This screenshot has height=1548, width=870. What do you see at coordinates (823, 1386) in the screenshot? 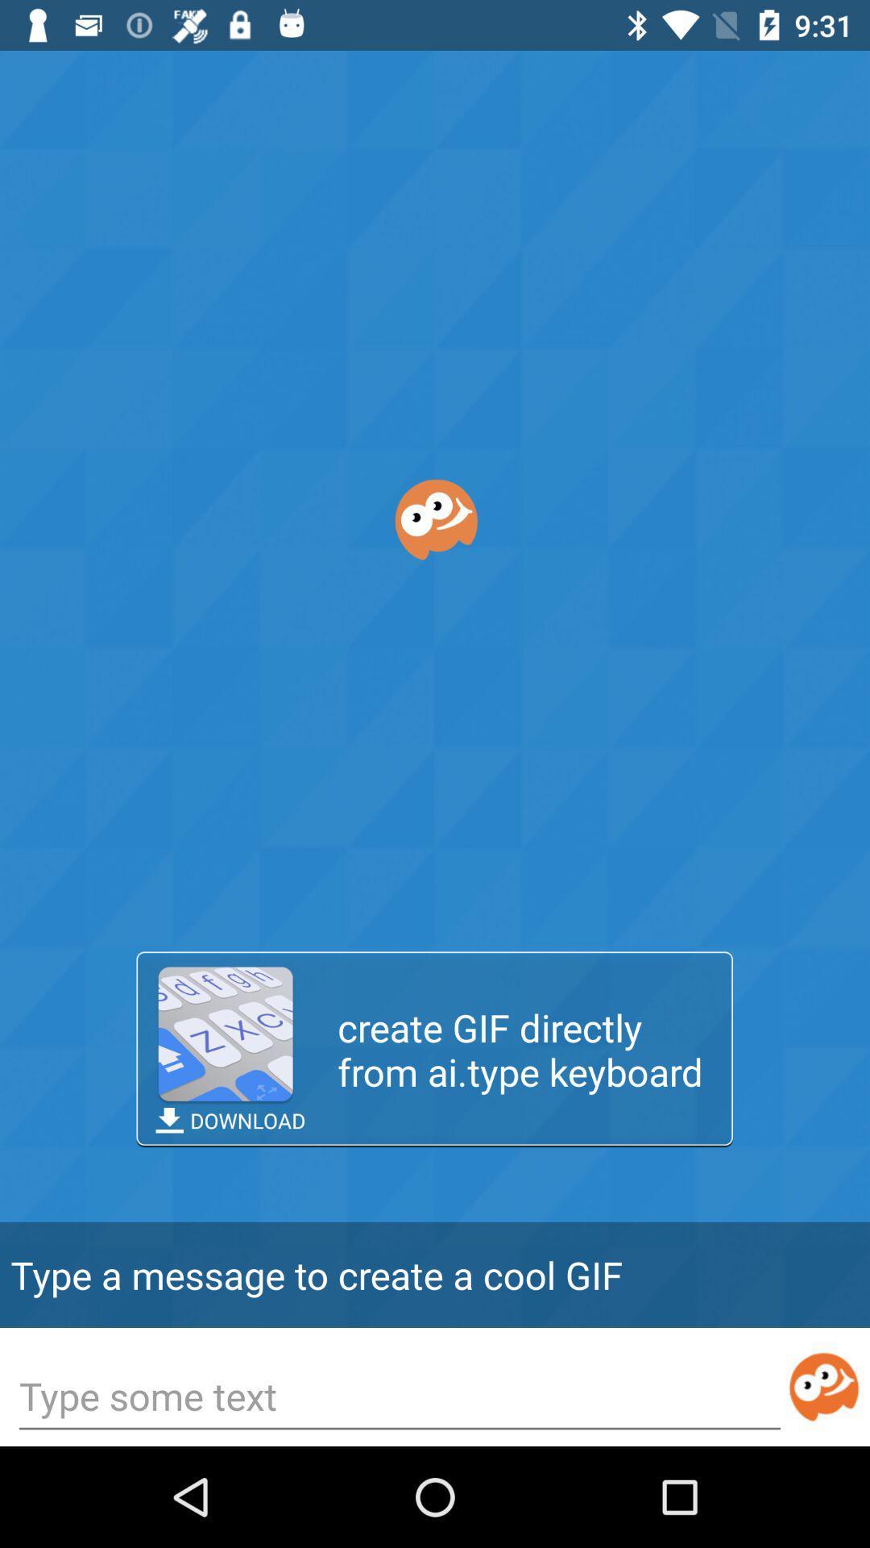
I see `submit text` at bounding box center [823, 1386].